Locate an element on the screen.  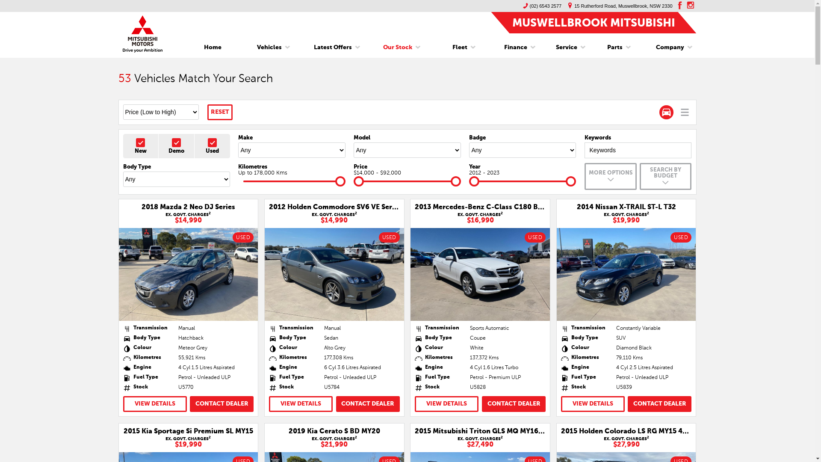
'Company' is located at coordinates (666, 47).